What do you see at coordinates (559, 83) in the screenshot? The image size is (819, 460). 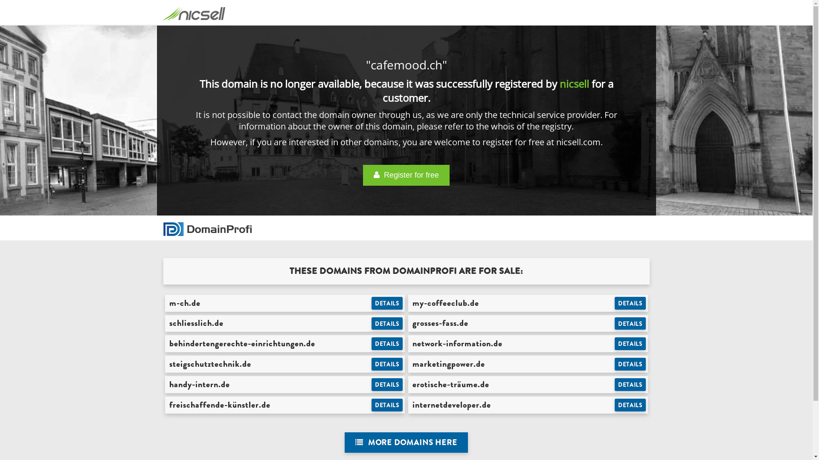 I see `'nicsell'` at bounding box center [559, 83].